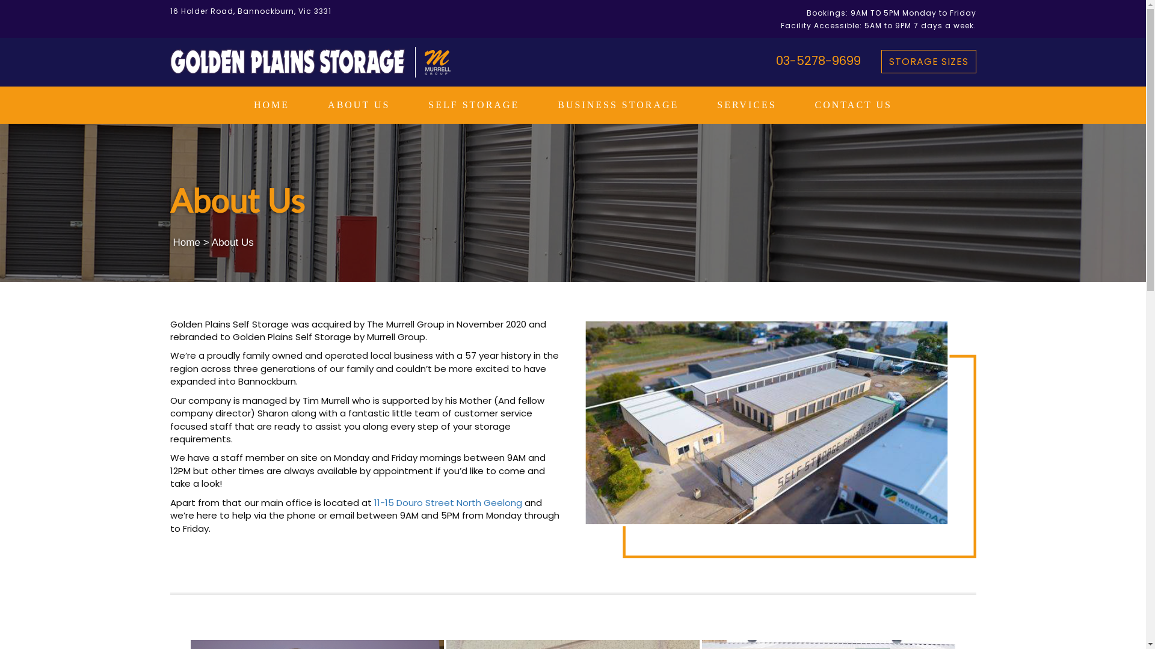  I want to click on 'STORAGE SIZES', so click(927, 61).